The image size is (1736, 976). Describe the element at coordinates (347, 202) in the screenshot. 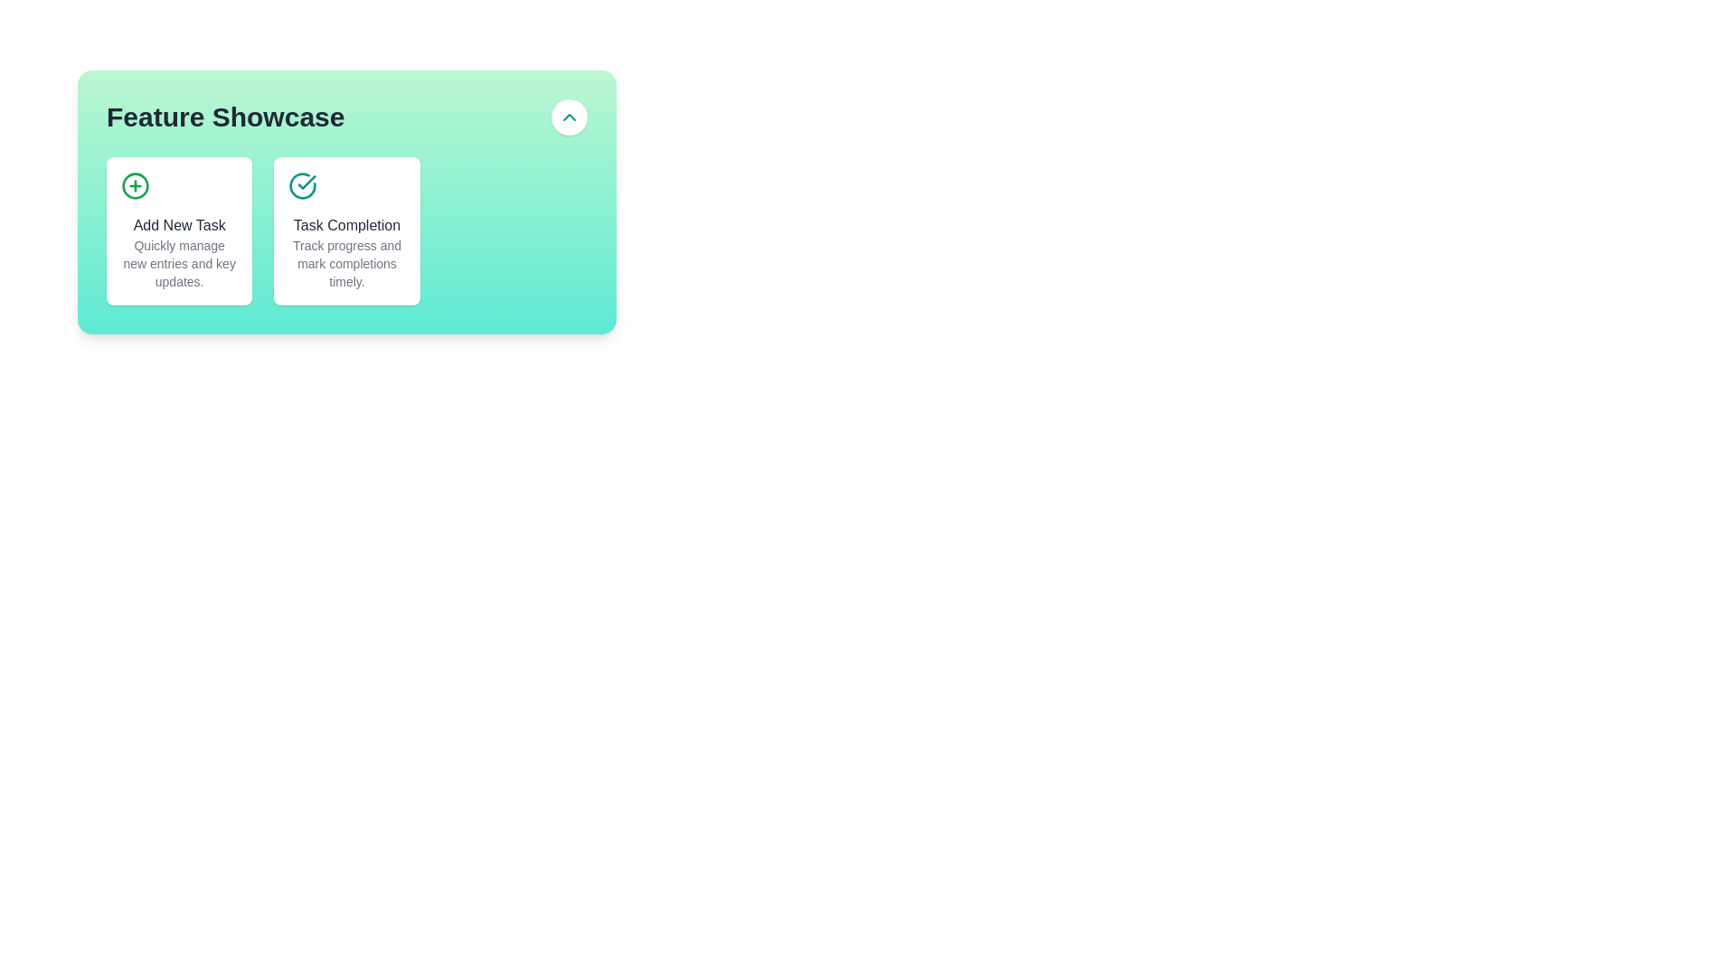

I see `the Informational Card that describes a task management feature, located to the right of the 'Add New Task' card in the Feature Showcase section` at that location.